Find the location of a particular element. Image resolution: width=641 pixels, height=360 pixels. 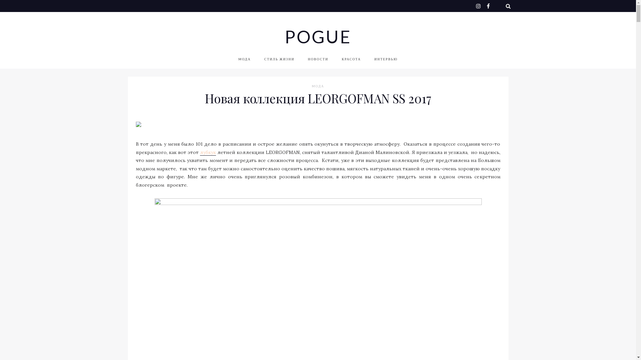

'POGUE' is located at coordinates (317, 37).